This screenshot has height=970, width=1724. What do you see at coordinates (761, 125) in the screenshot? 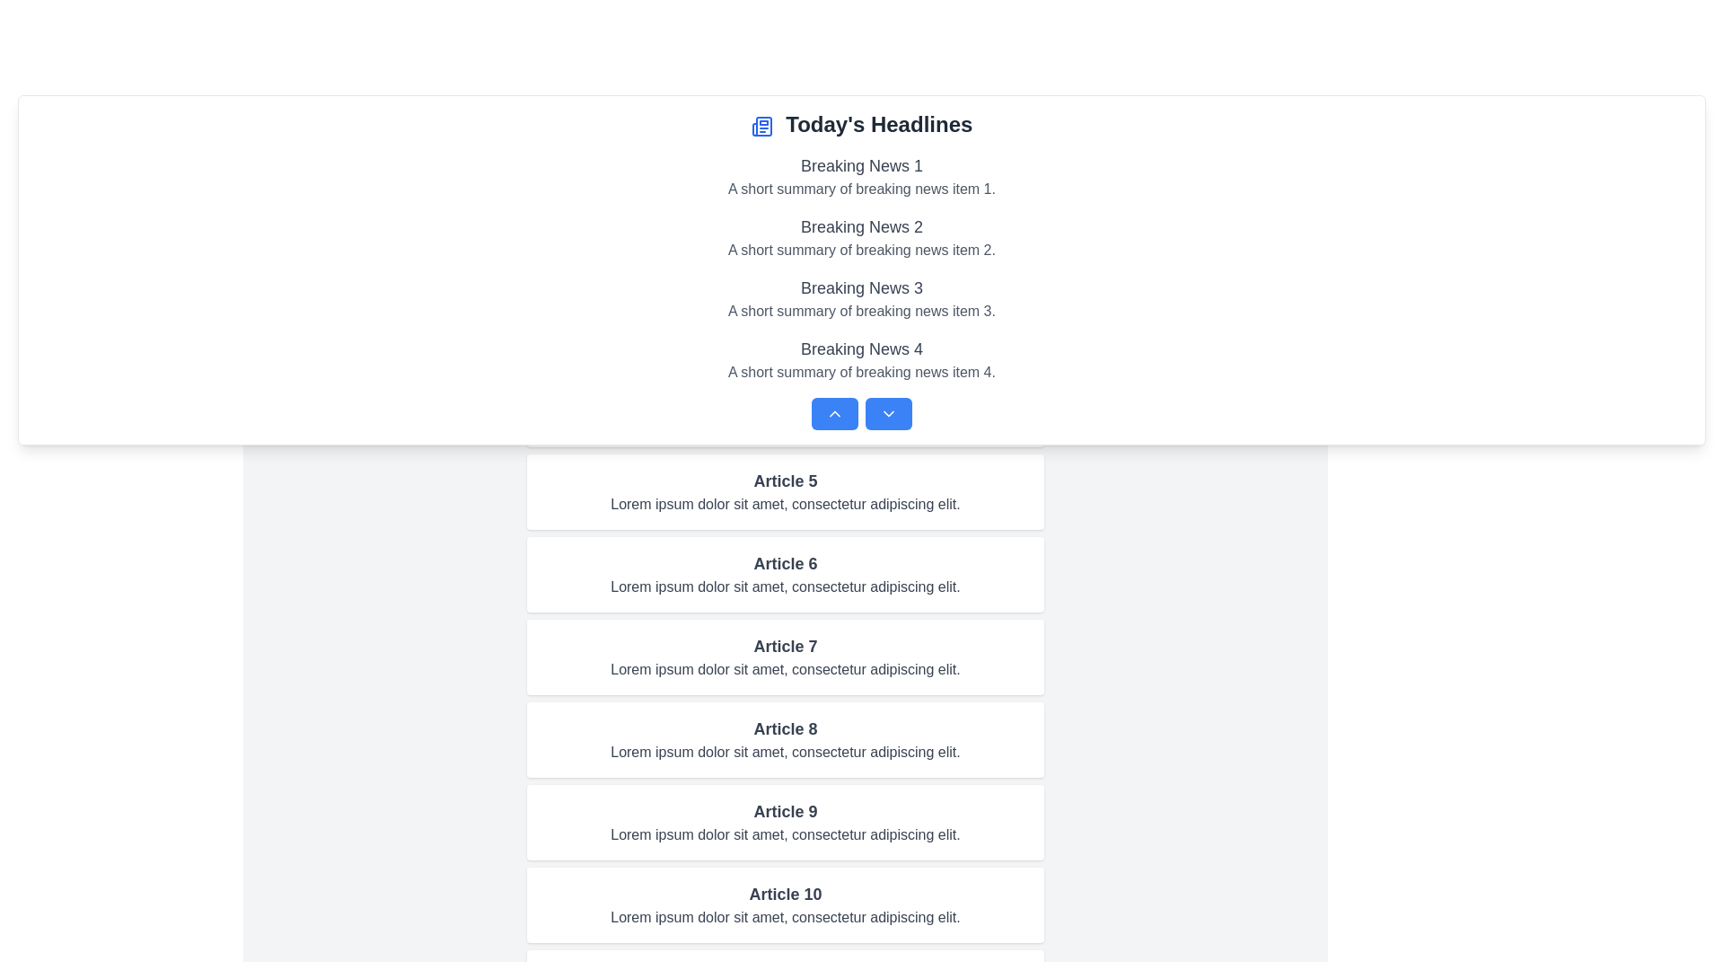
I see `the newspaper icon located in the header section, which is styled with a blue color scheme and positioned next to the text 'Today's Headlines'` at bounding box center [761, 125].